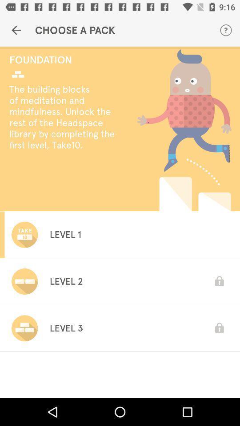 The width and height of the screenshot is (240, 426). What do you see at coordinates (66, 281) in the screenshot?
I see `level 2` at bounding box center [66, 281].